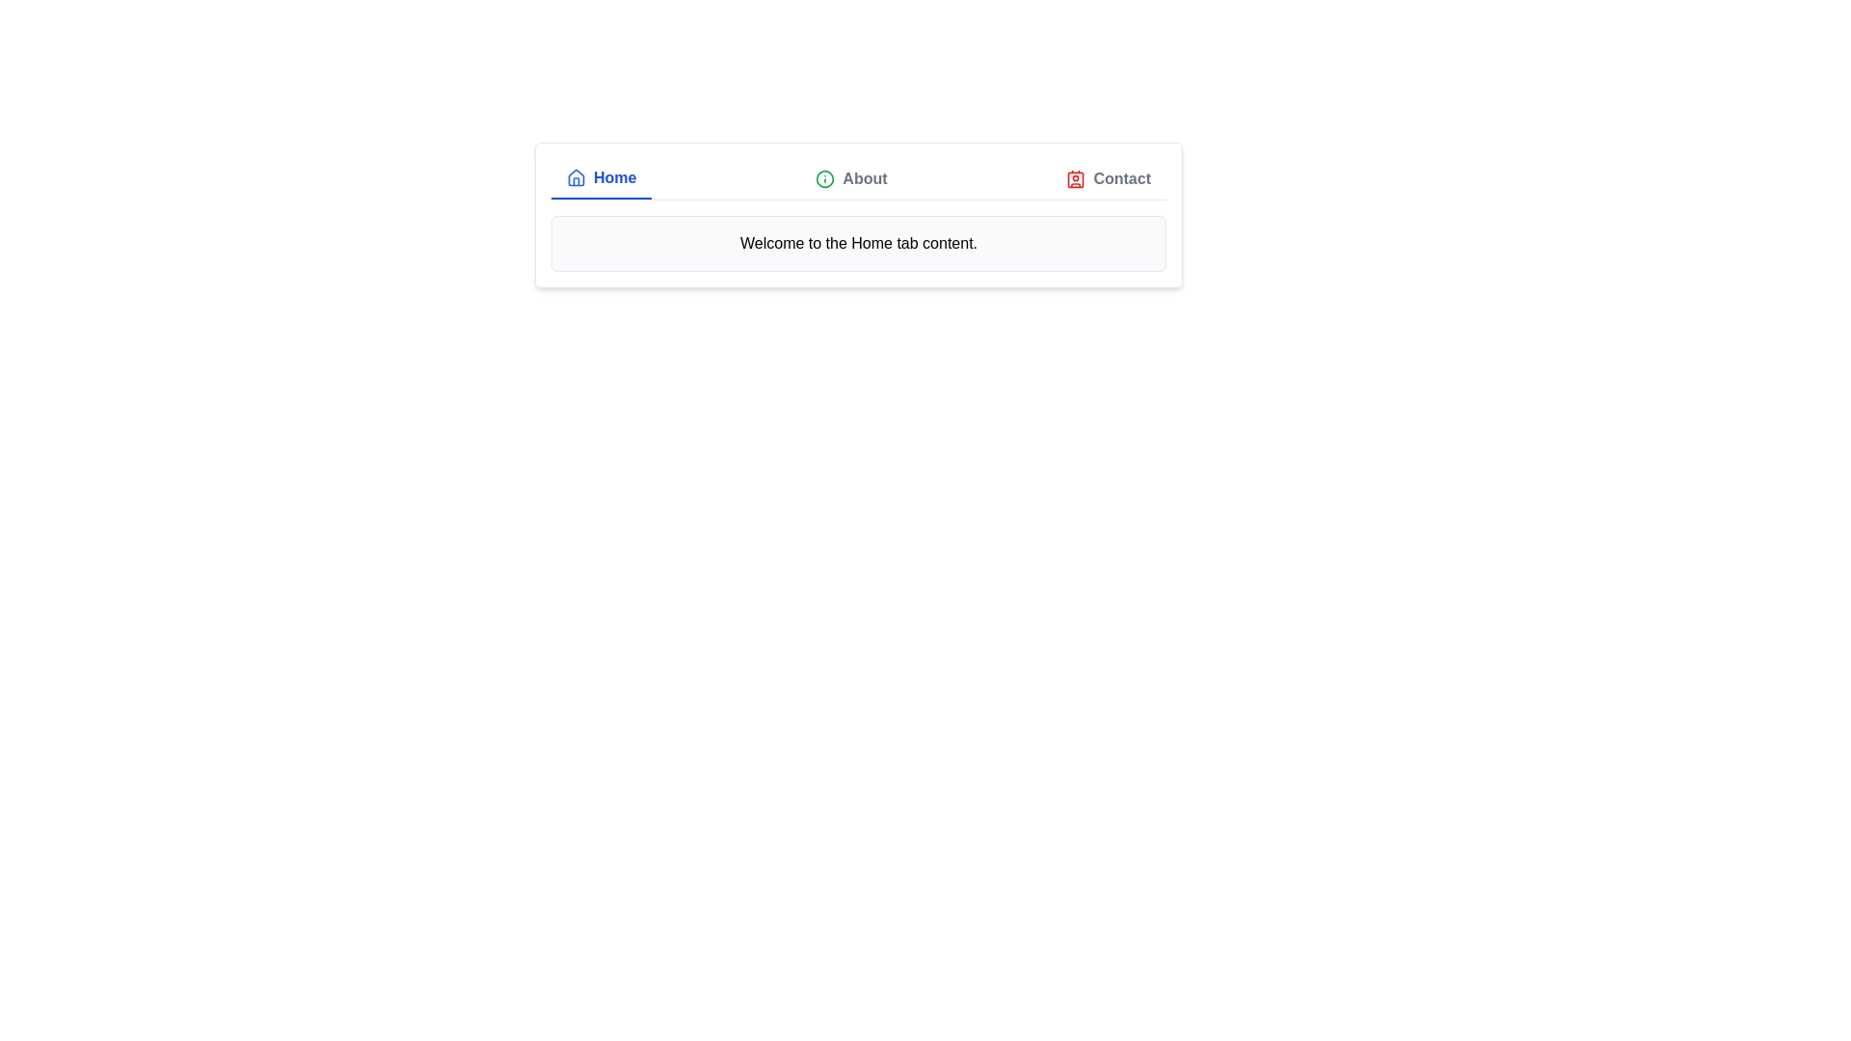 The image size is (1851, 1041). I want to click on the 'About' text label, which is styled in bold and semibold font, located in the horizontal navigation bar between a green icon and the 'Contact' tab, so click(864, 178).